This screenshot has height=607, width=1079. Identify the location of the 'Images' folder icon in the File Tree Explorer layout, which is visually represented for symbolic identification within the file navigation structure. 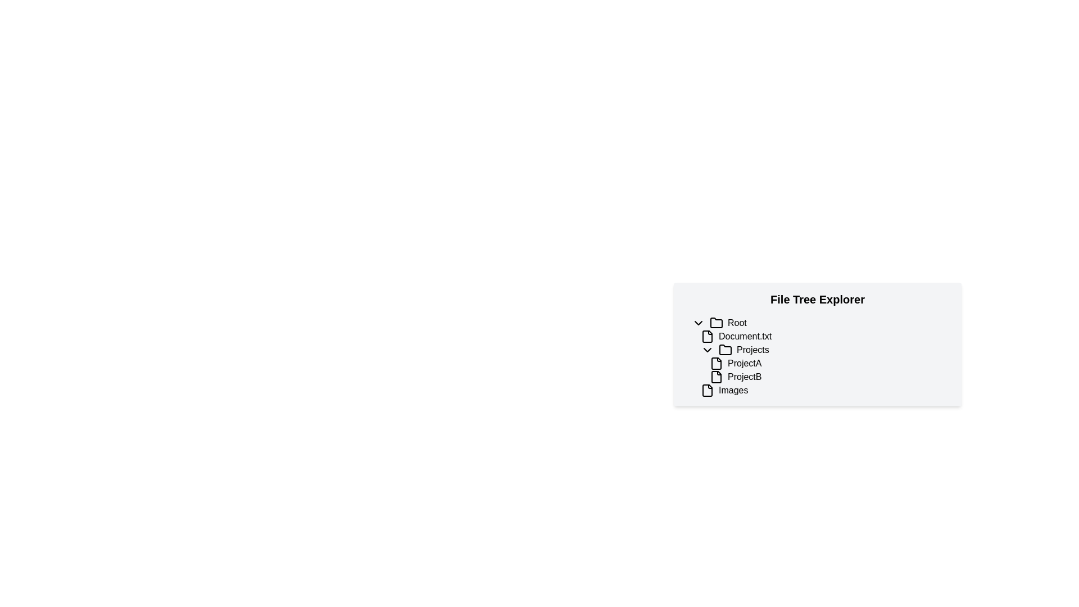
(706, 389).